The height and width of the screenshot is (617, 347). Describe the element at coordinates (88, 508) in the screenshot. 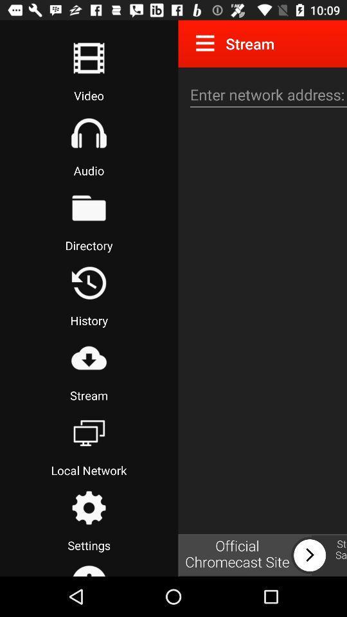

I see `the settings icon` at that location.